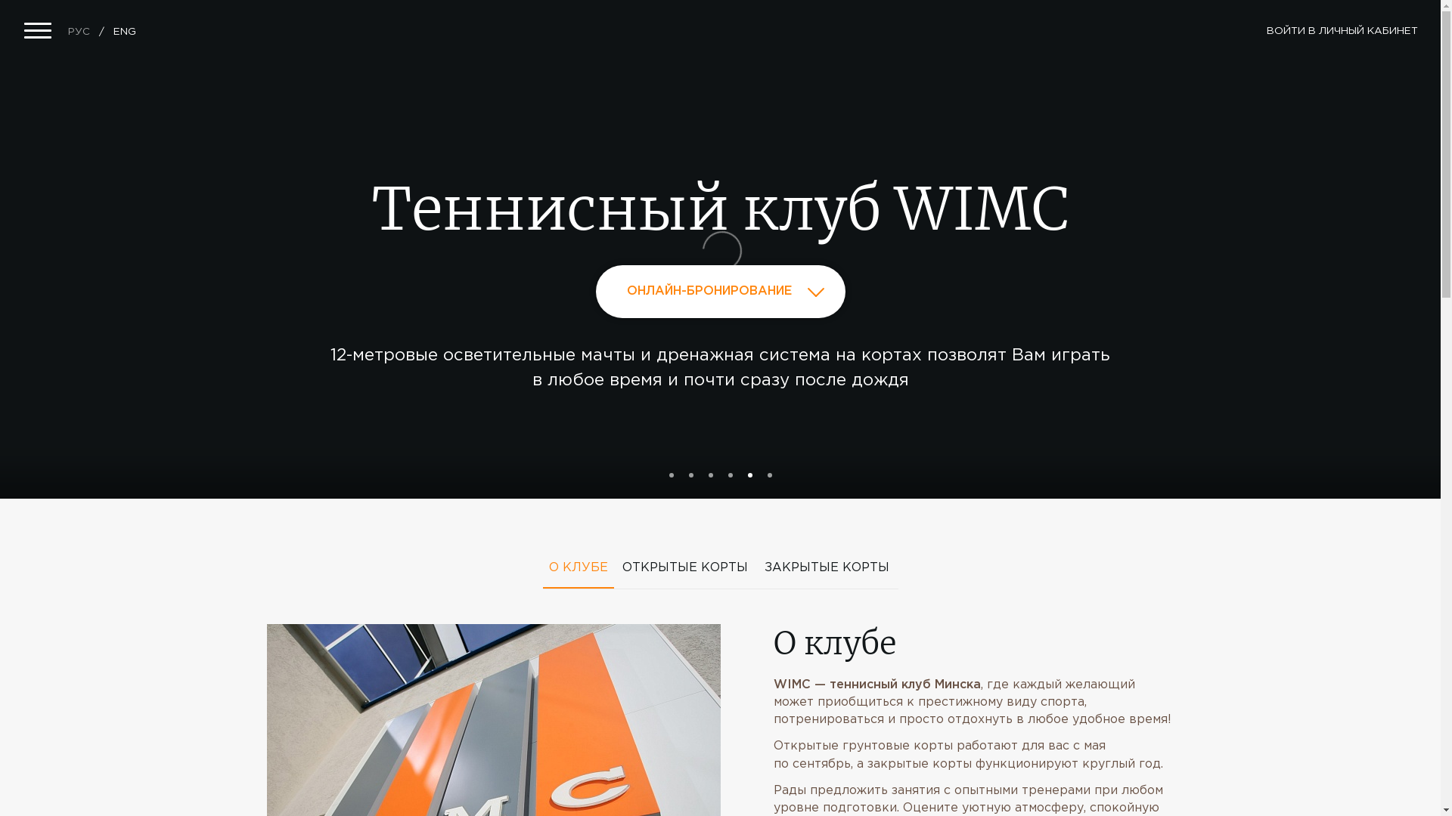  Describe the element at coordinates (709, 474) in the screenshot. I see `'3'` at that location.